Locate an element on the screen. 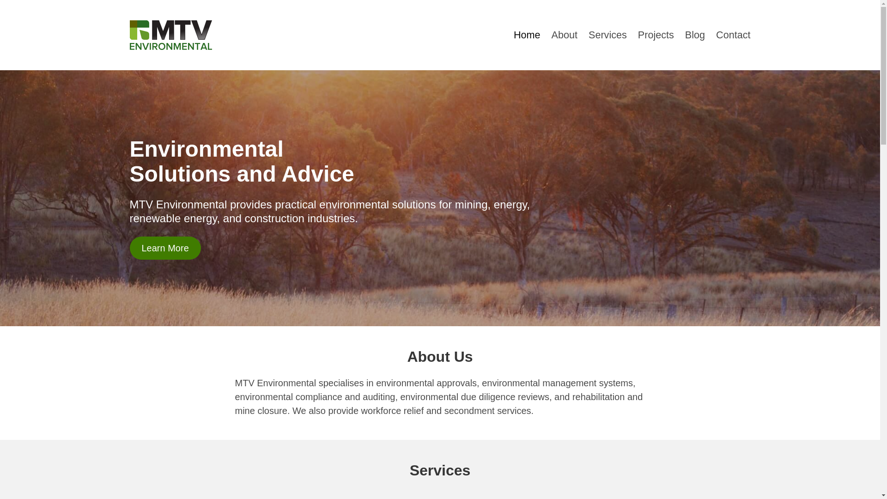 The height and width of the screenshot is (499, 887). 'Projects' is located at coordinates (656, 35).